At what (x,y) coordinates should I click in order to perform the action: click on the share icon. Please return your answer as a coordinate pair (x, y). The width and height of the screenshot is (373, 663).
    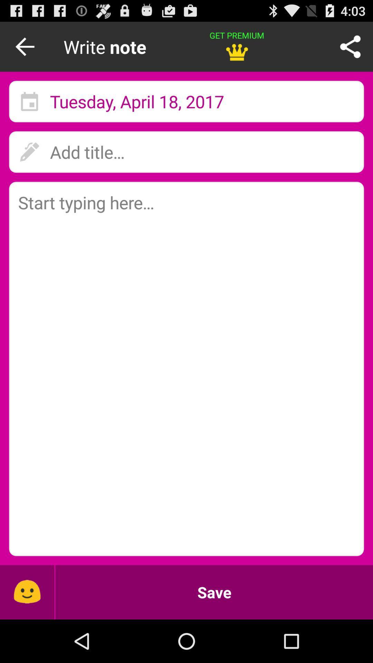
    Looking at the image, I should click on (350, 49).